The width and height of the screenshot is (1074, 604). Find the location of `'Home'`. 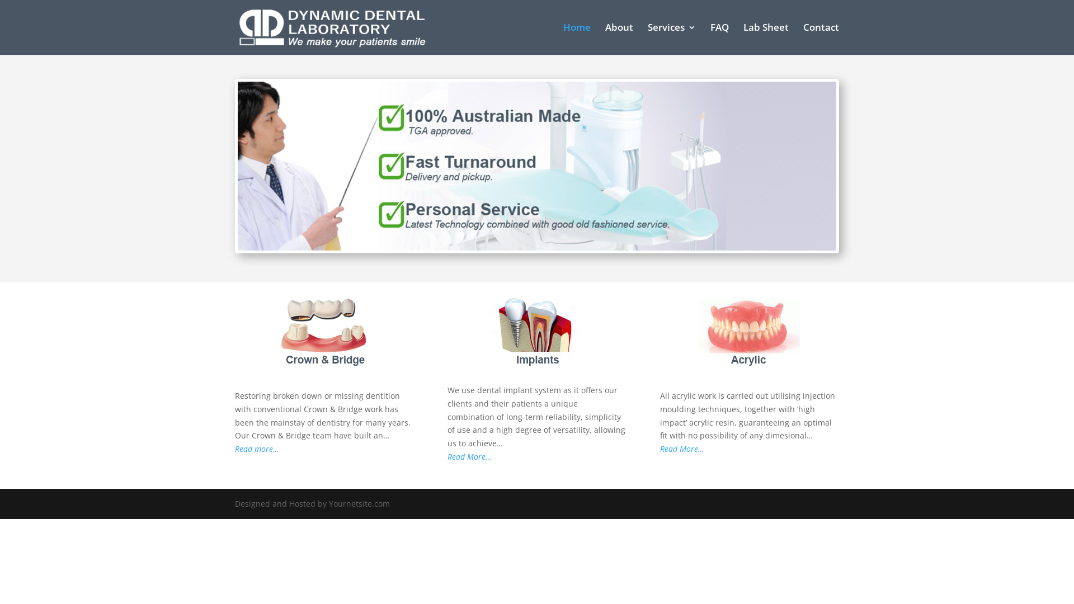

'Home' is located at coordinates (577, 38).